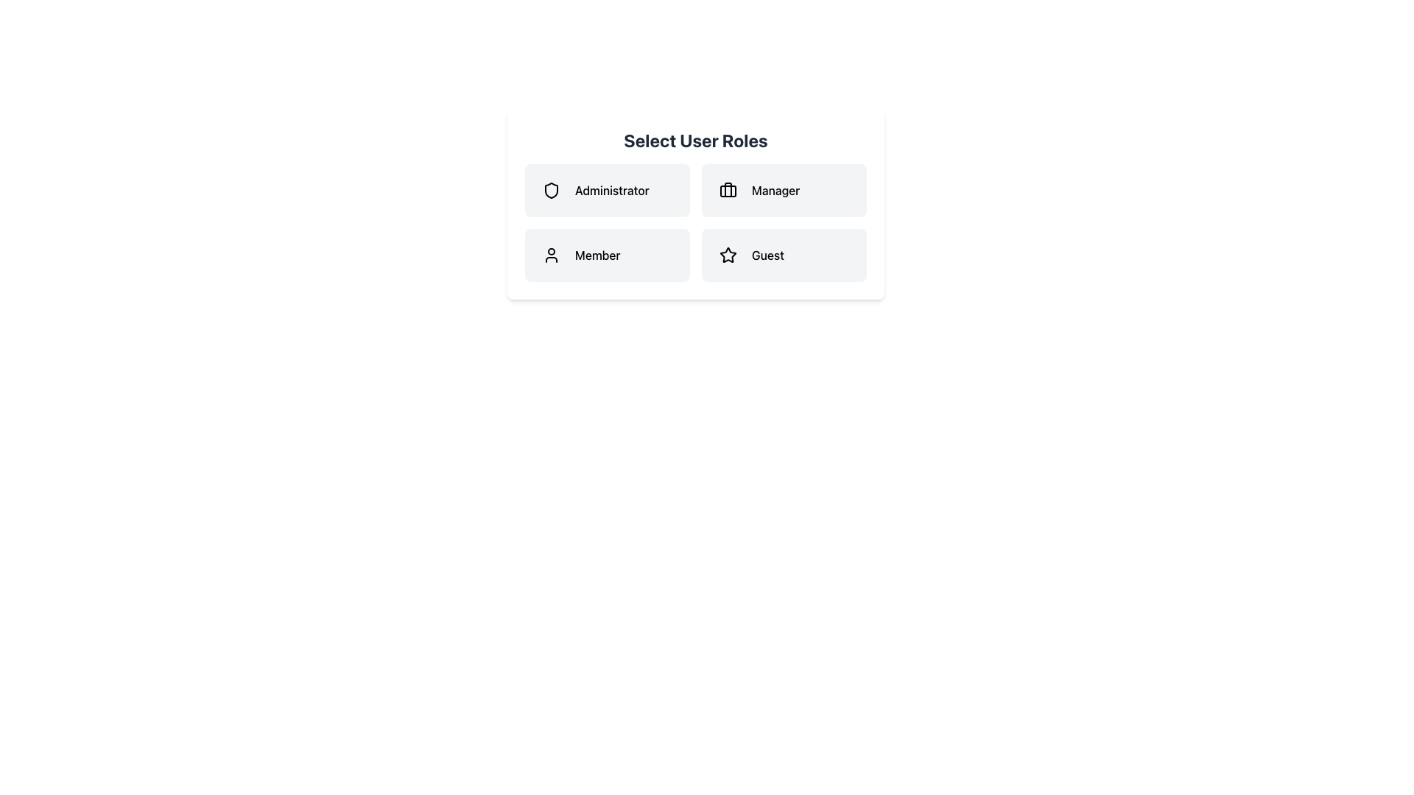 Image resolution: width=1414 pixels, height=795 pixels. I want to click on the 'Member' role icon located in the lower-left quadrant of the grid layout, directly below the 'Administrator' element and to the left of the 'Guest' element, so click(550, 255).